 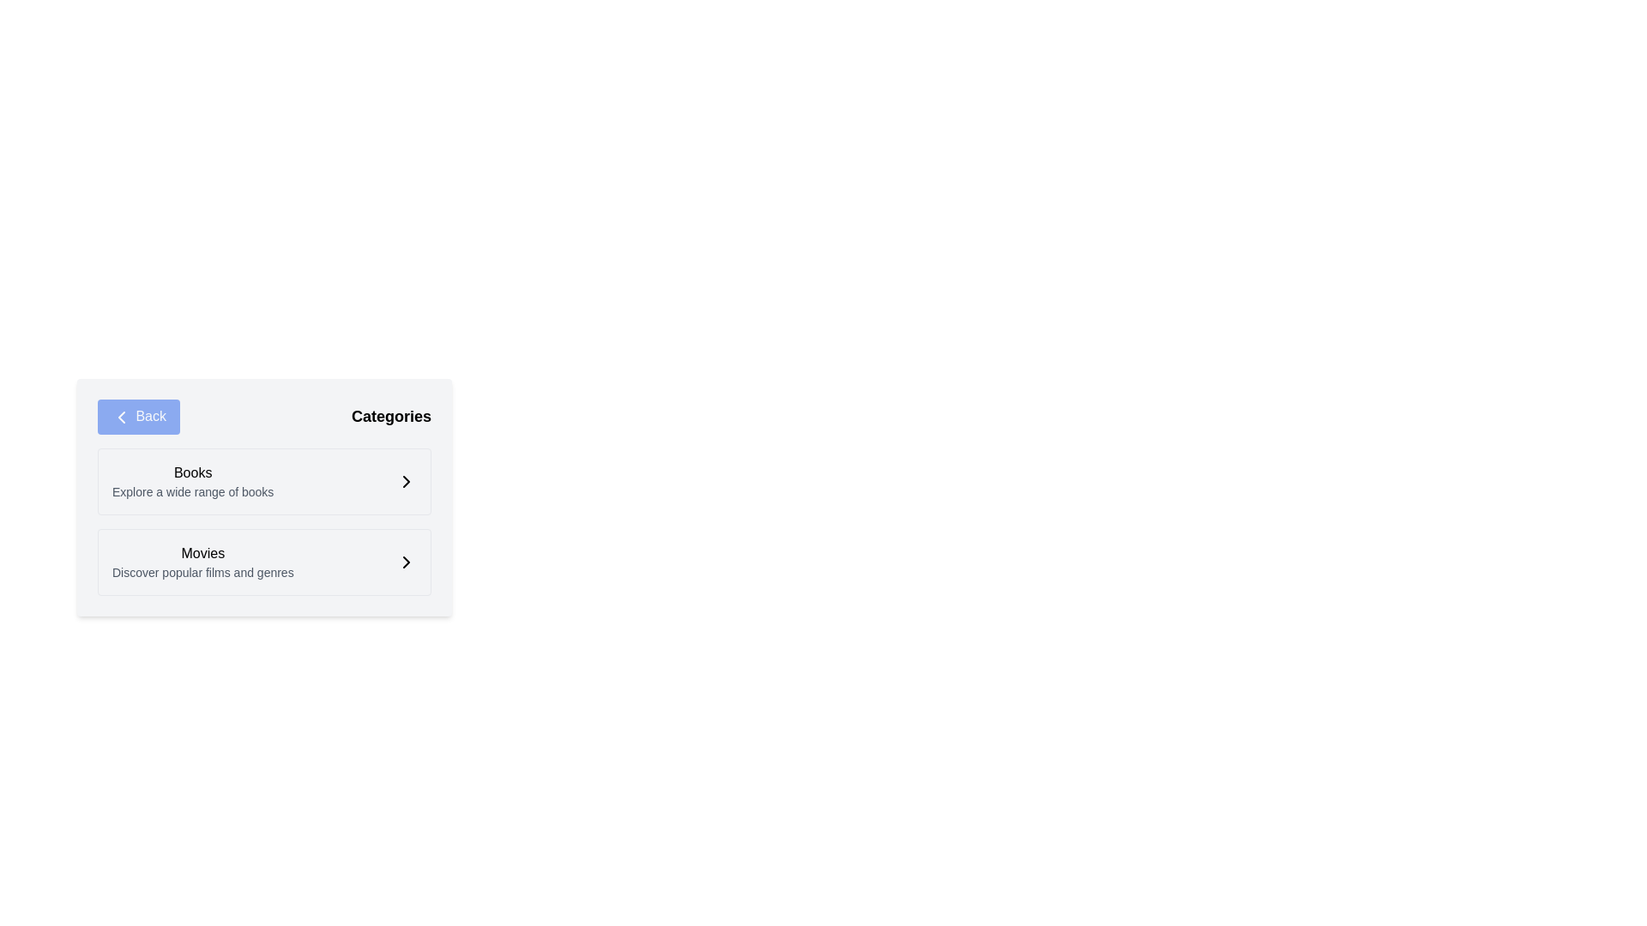 What do you see at coordinates (406, 562) in the screenshot?
I see `the minimalistic right-pointing arrow icon button located to the immediate right of the 'Movies' text in the second row of the content section under 'Categories'` at bounding box center [406, 562].